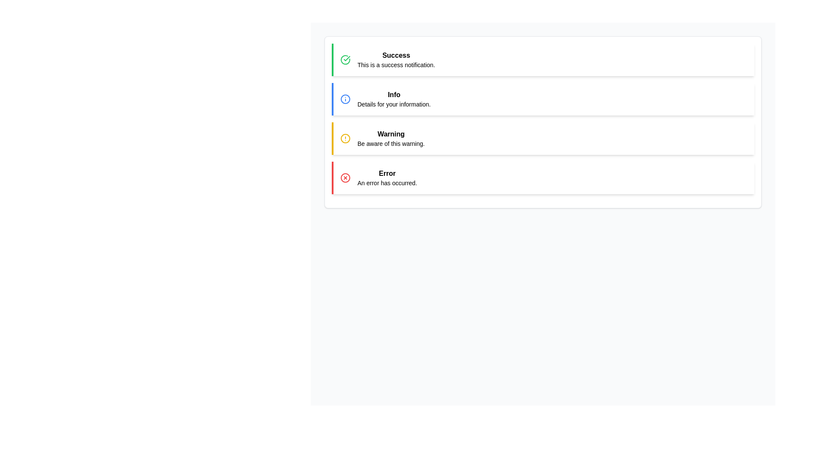 This screenshot has width=822, height=462. What do you see at coordinates (390, 143) in the screenshot?
I see `the text label displaying 'Be aware of this warning.' positioned below the 'Warning' text in the notification list` at bounding box center [390, 143].